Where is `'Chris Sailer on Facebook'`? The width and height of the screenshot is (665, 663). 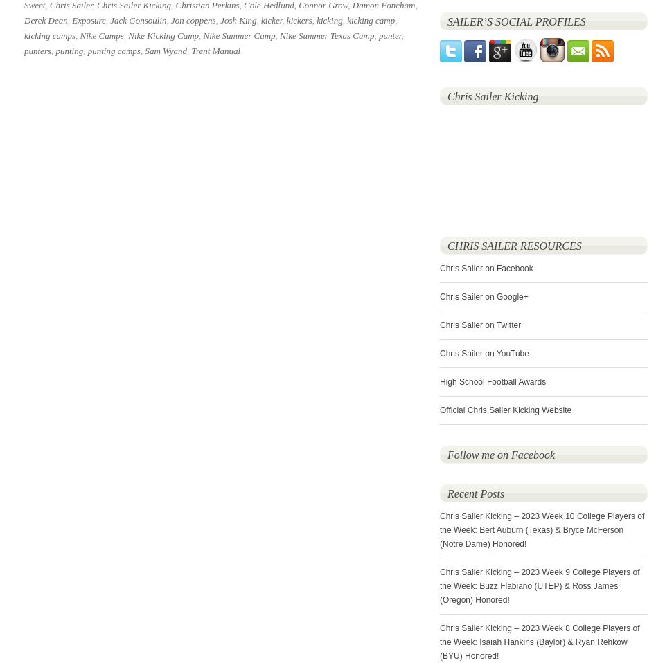 'Chris Sailer on Facebook' is located at coordinates (486, 267).